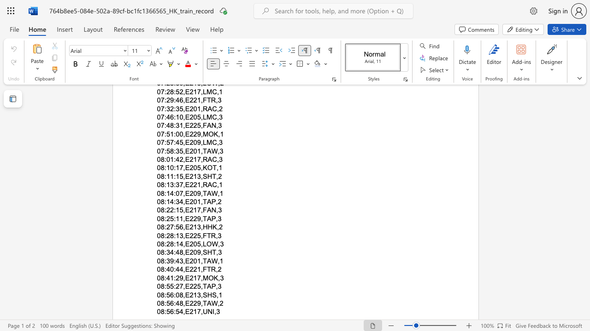 This screenshot has height=331, width=590. What do you see at coordinates (164, 286) in the screenshot?
I see `the subset text ":55:27,E225,T" within the text "08:55:27,E225,TAP,3"` at bounding box center [164, 286].